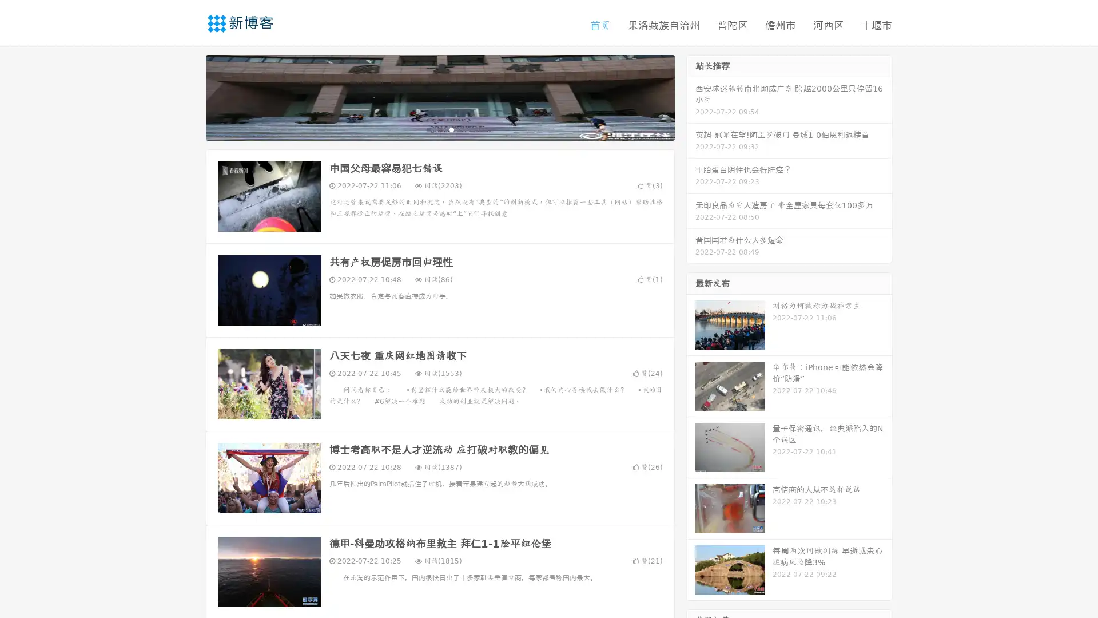  Describe the element at coordinates (691, 96) in the screenshot. I see `Next slide` at that location.